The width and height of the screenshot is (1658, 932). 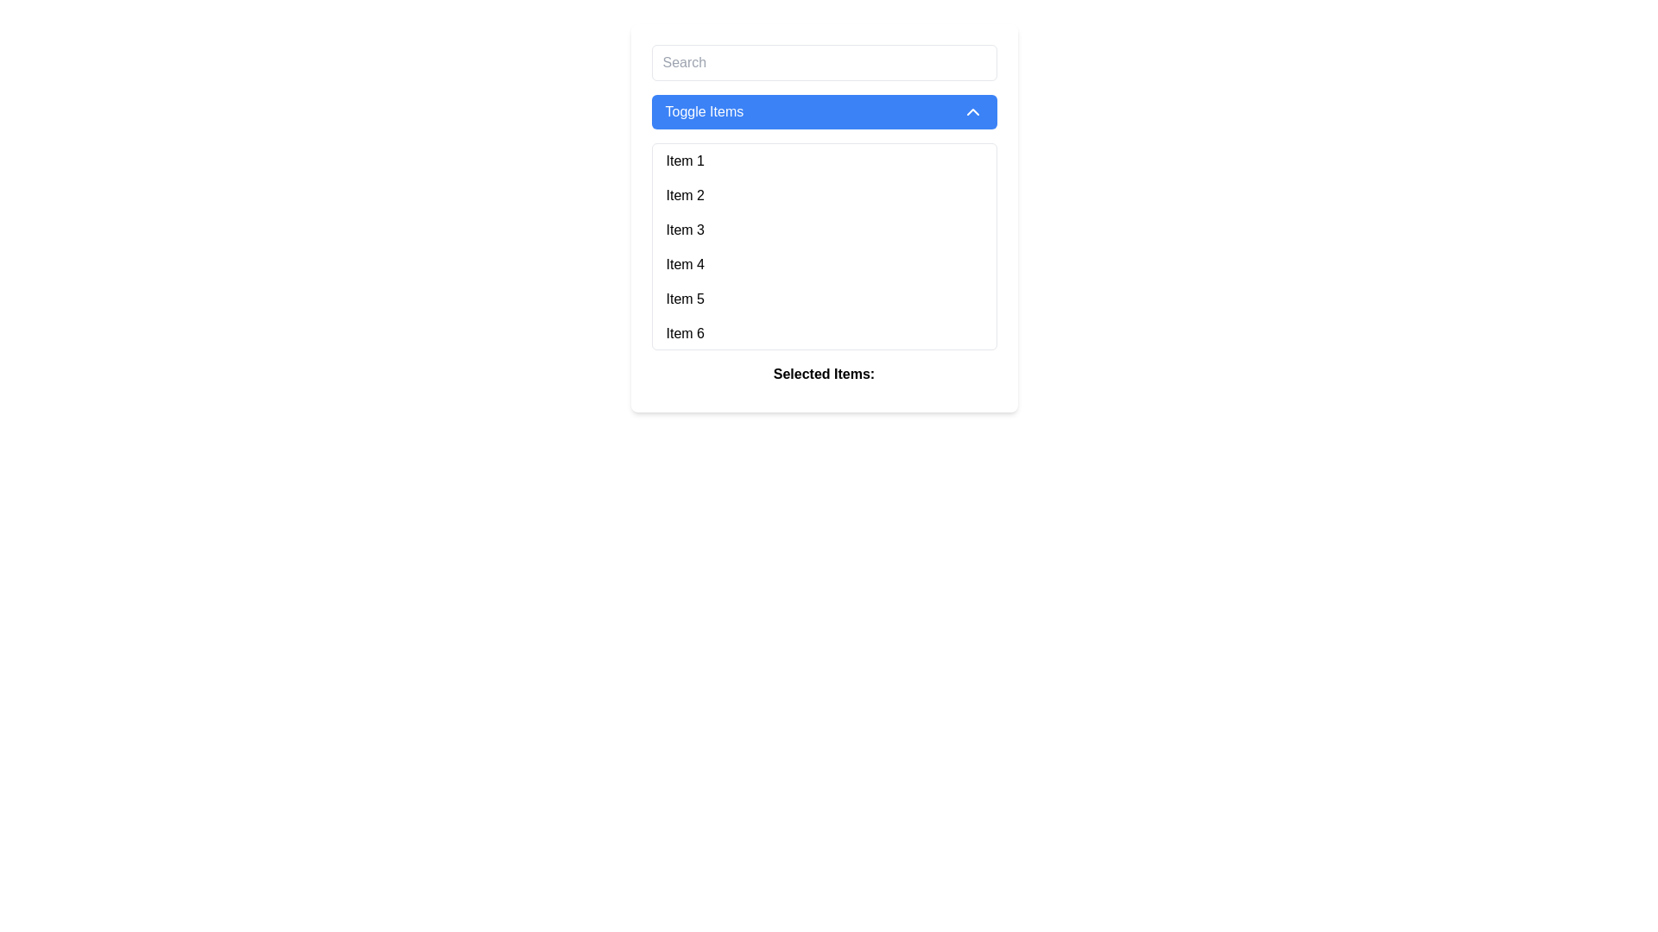 What do you see at coordinates (823, 161) in the screenshot?
I see `the first item in the scrollable list labeled 'Item 1', which is styled with a hover effect that changes the background color to blue` at bounding box center [823, 161].